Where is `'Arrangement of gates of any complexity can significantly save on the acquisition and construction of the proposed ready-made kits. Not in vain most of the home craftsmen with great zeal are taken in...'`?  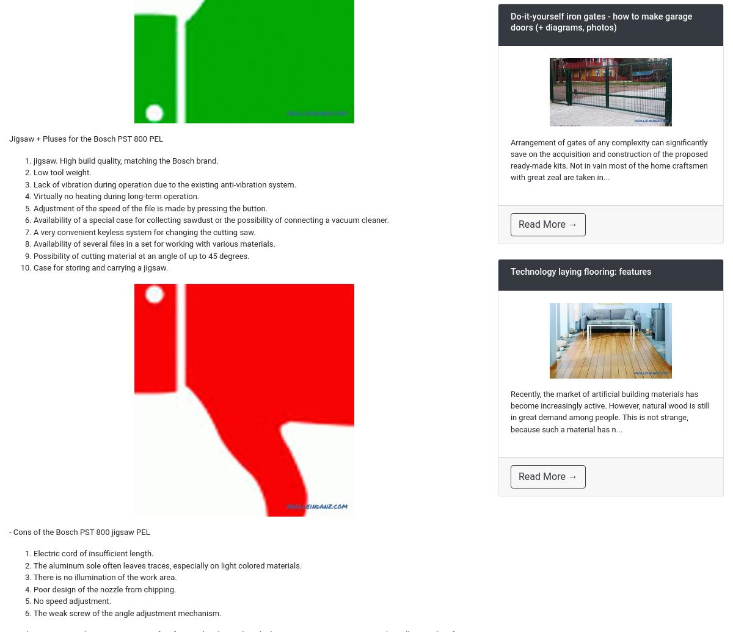
'Arrangement of gates of any complexity can significantly save on the acquisition and construction of the proposed ready-made kits. Not in vain most of the home craftsmen with great zeal are taken in...' is located at coordinates (609, 159).